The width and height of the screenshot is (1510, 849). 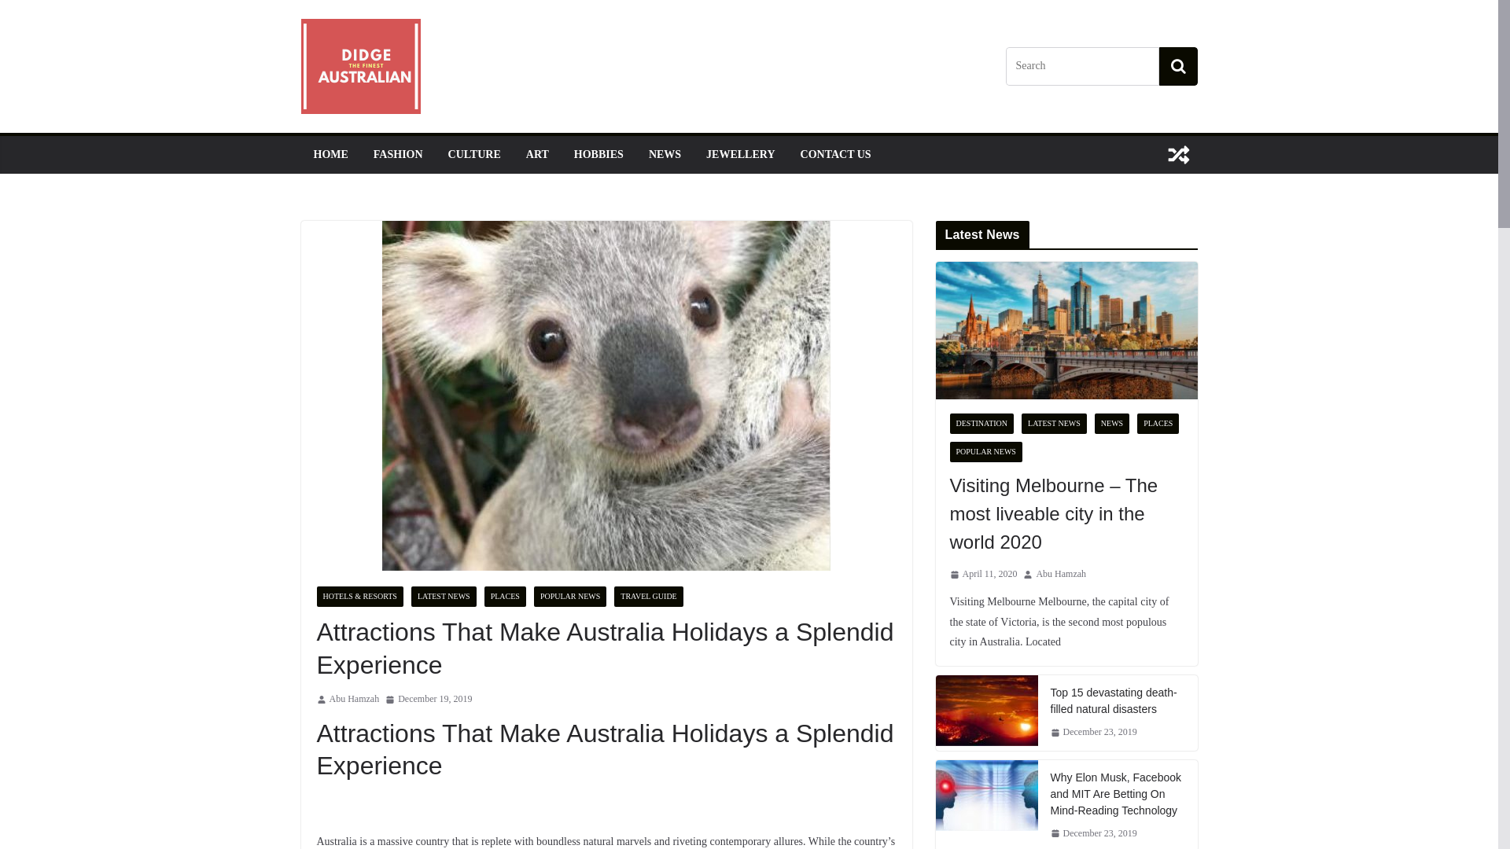 What do you see at coordinates (1060, 575) in the screenshot?
I see `'Abu Hamzah'` at bounding box center [1060, 575].